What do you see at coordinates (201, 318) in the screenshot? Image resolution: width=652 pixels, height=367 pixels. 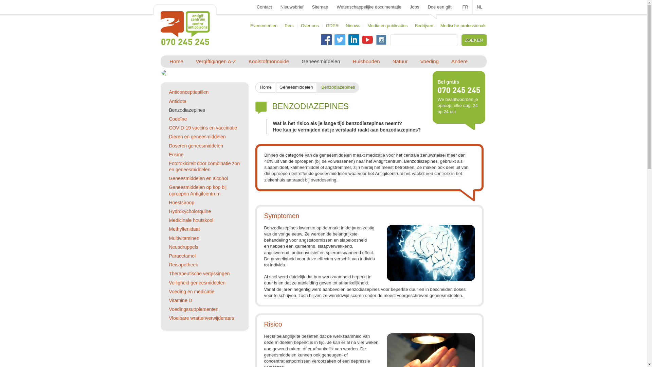 I see `'Vloeibare wrattenverwijderaars'` at bounding box center [201, 318].